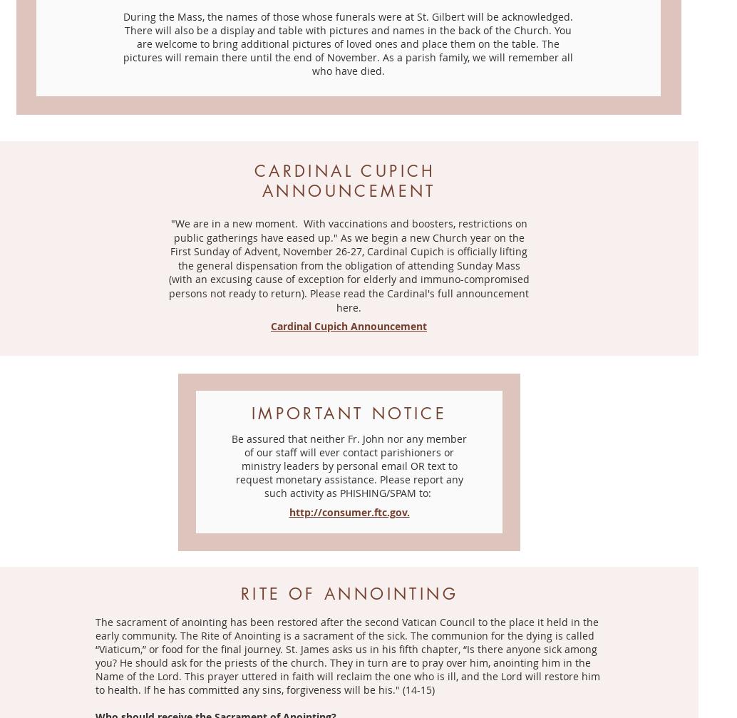 This screenshot has width=737, height=718. What do you see at coordinates (349, 592) in the screenshot?
I see `'RITE OF ANNOINTING'` at bounding box center [349, 592].